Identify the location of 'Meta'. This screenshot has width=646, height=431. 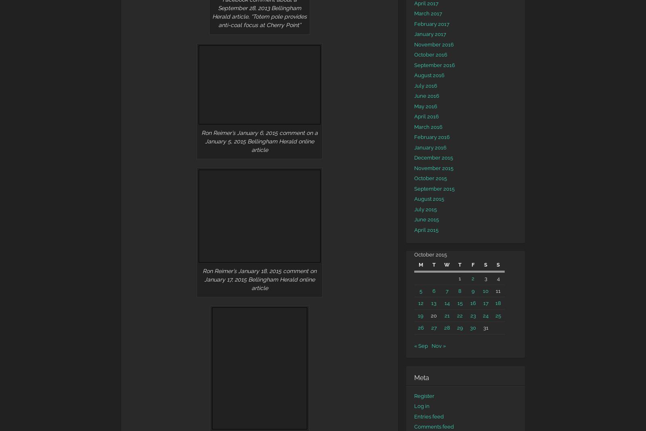
(422, 377).